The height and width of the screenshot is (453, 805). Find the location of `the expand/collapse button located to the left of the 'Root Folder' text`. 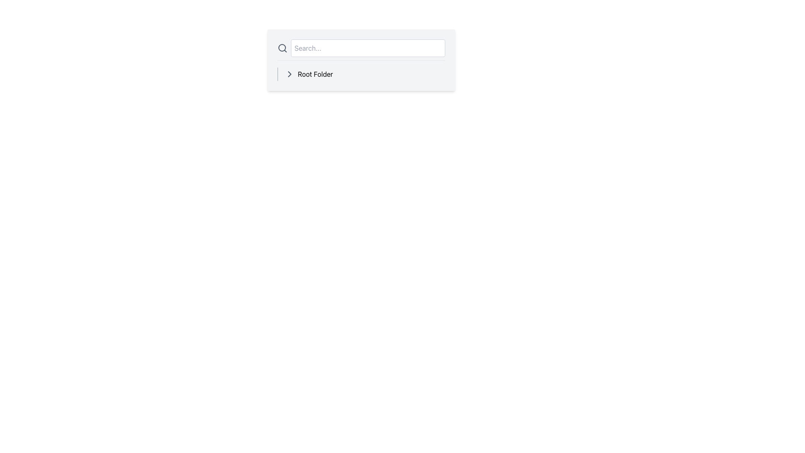

the expand/collapse button located to the left of the 'Root Folder' text is located at coordinates (289, 74).